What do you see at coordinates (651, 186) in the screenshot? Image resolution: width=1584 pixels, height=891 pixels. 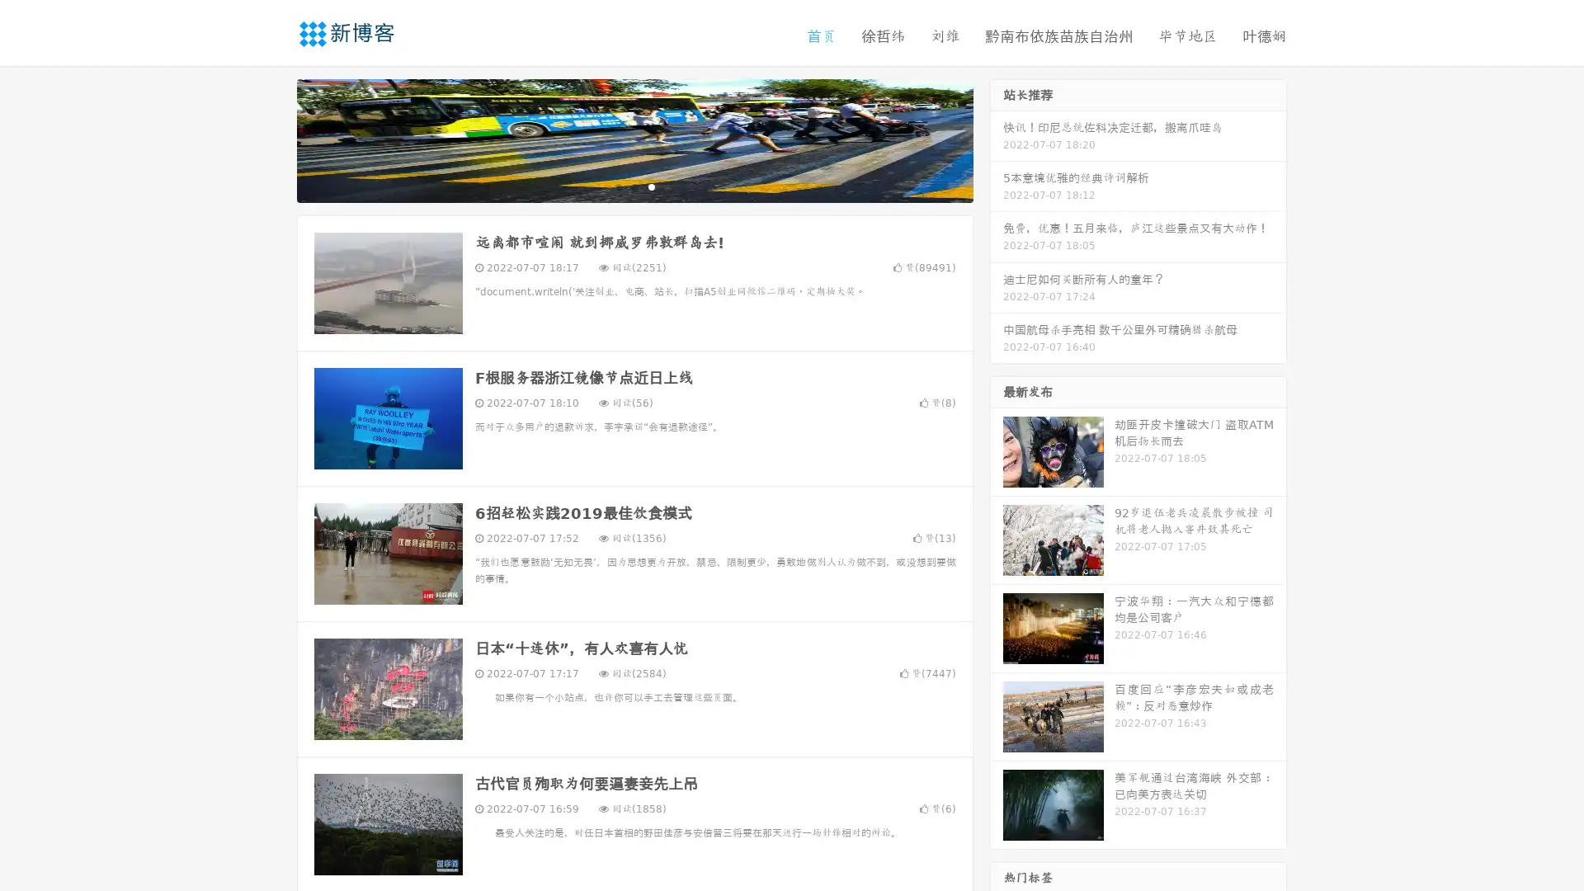 I see `Go to slide 3` at bounding box center [651, 186].